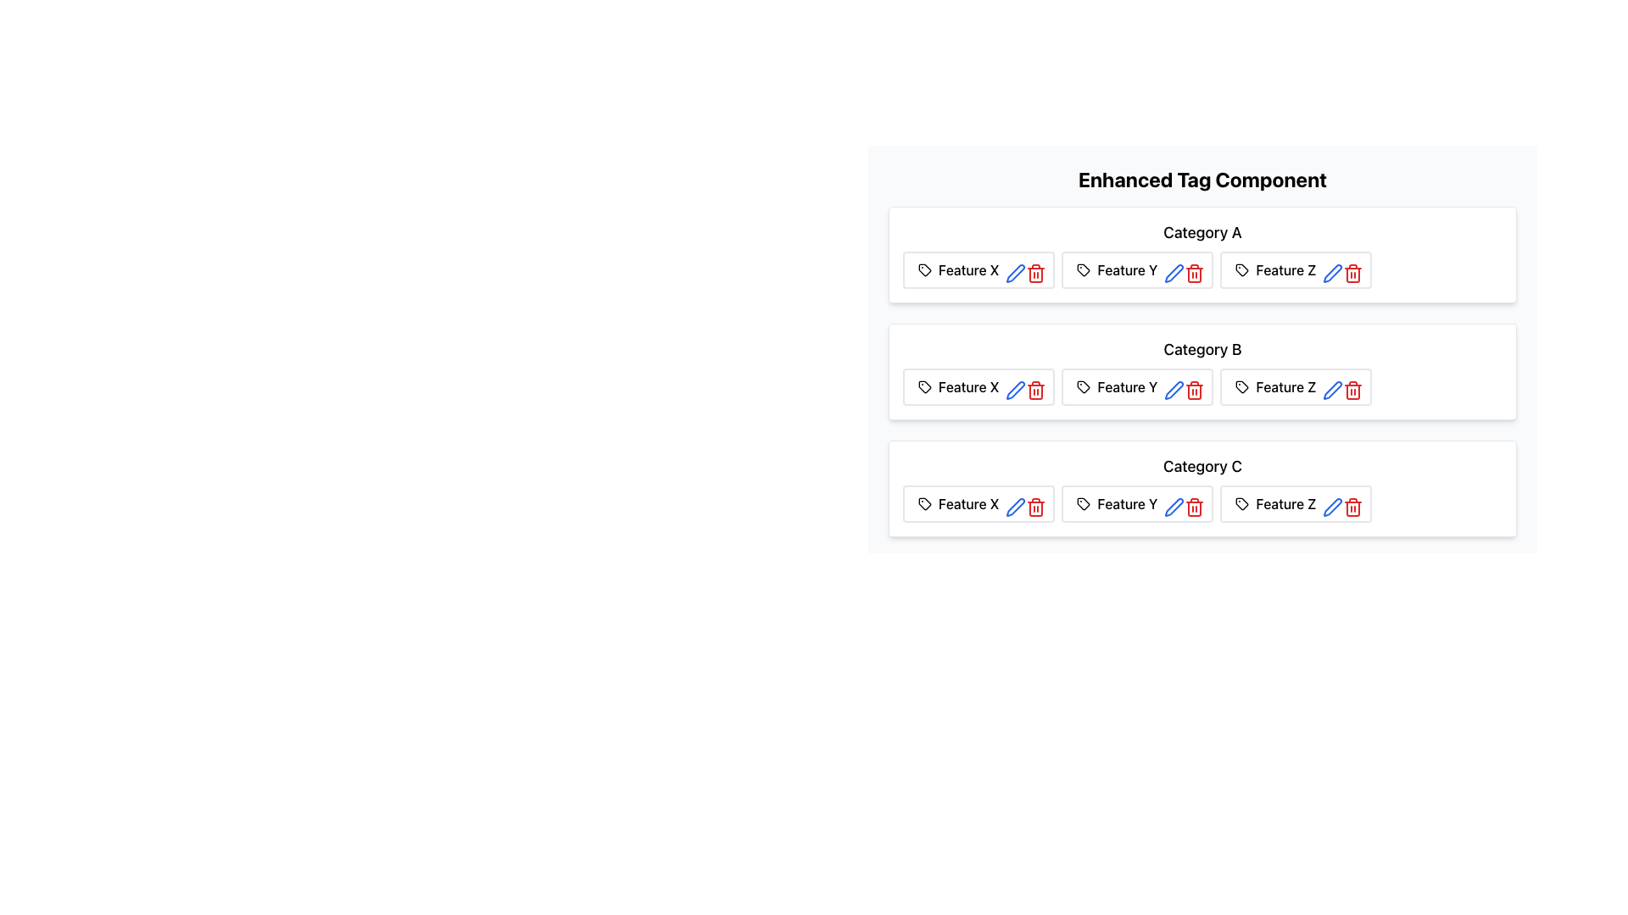 This screenshot has width=1628, height=915. Describe the element at coordinates (1083, 386) in the screenshot. I see `the yellow tag icon with a small dot inside it, located in the 'Feature Y' group under 'Category B'` at that location.